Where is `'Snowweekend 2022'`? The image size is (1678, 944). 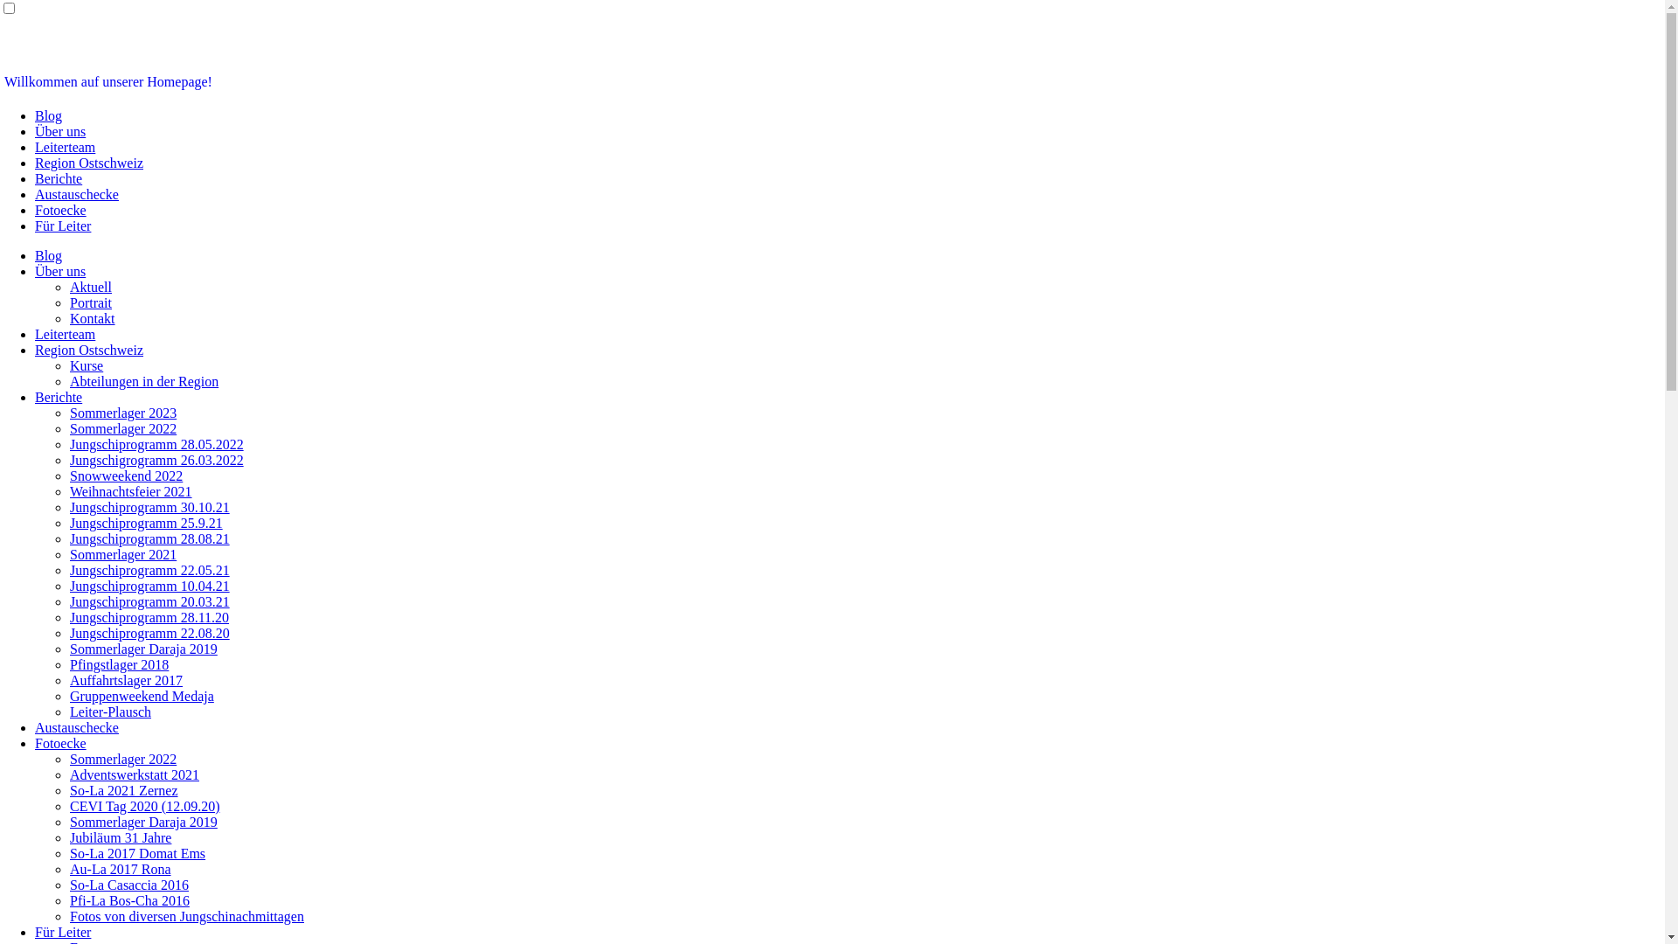 'Snowweekend 2022' is located at coordinates (70, 475).